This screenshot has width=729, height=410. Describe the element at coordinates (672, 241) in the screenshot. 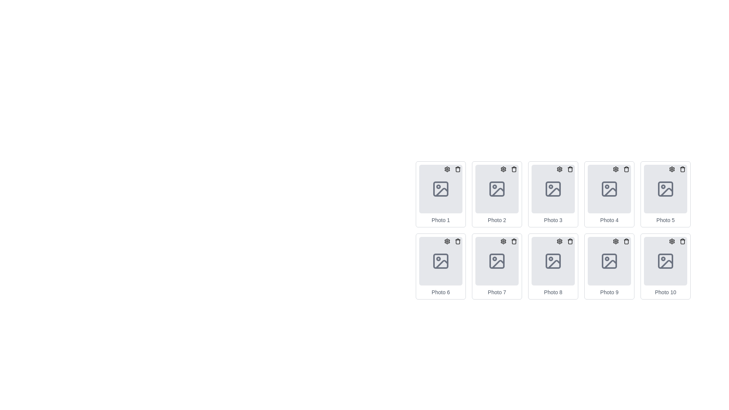

I see `the gear button located at the top-right corner of the card labeled 'Photo 10'` at that location.